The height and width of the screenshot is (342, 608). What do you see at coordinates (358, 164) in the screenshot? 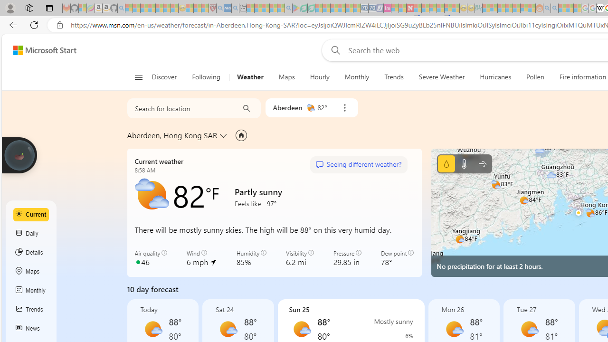
I see `'Seeing different weather?'` at bounding box center [358, 164].